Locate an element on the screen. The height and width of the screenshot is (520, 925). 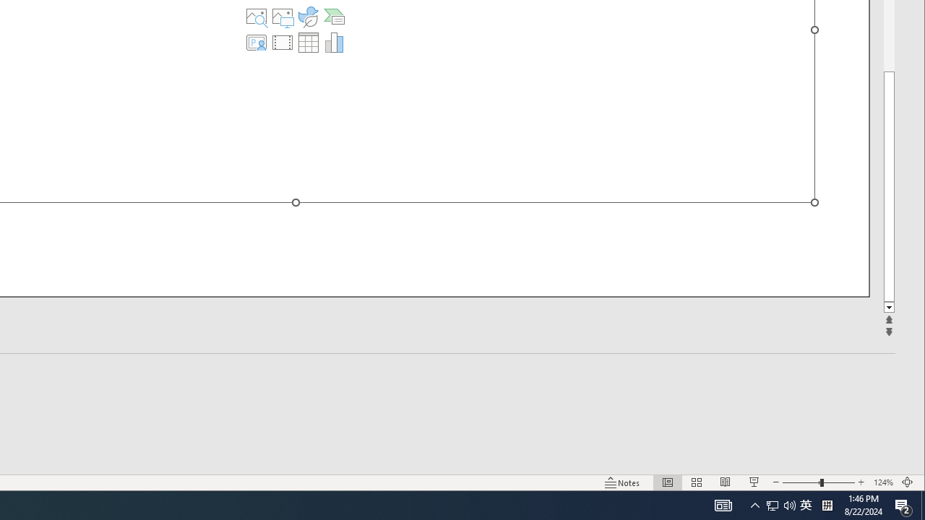
'Tray Input Indicator - Chinese (Simplified, China)' is located at coordinates (827, 504).